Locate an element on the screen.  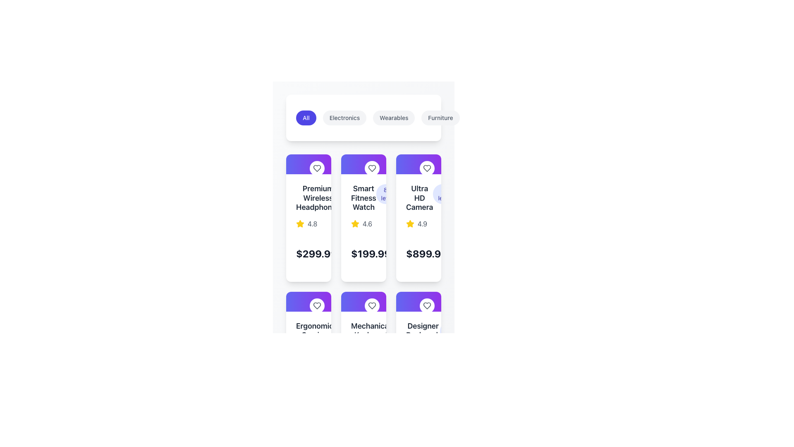
the heart-shaped 'like' button located at the top-right corner of the 'Premium Wireless Headphone' card to favorite the item is located at coordinates (317, 168).